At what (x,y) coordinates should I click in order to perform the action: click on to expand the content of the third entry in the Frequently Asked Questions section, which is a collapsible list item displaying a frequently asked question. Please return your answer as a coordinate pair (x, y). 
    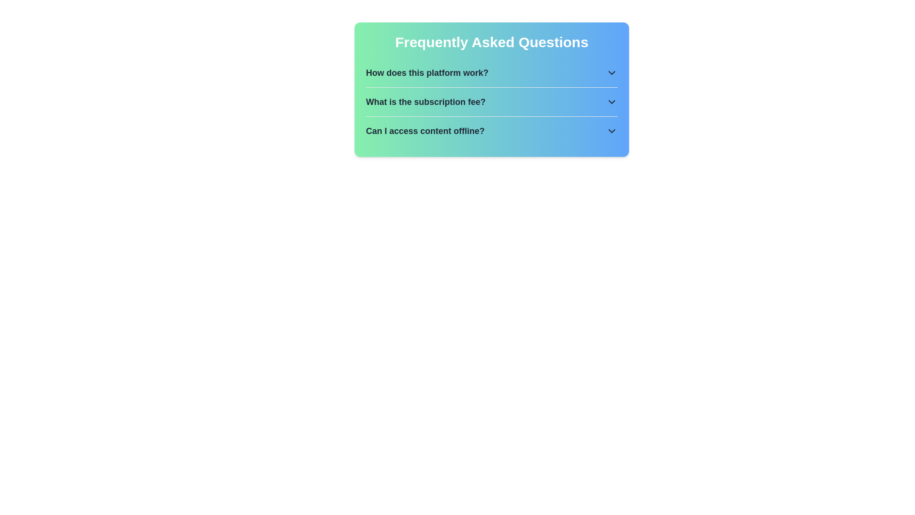
    Looking at the image, I should click on (492, 130).